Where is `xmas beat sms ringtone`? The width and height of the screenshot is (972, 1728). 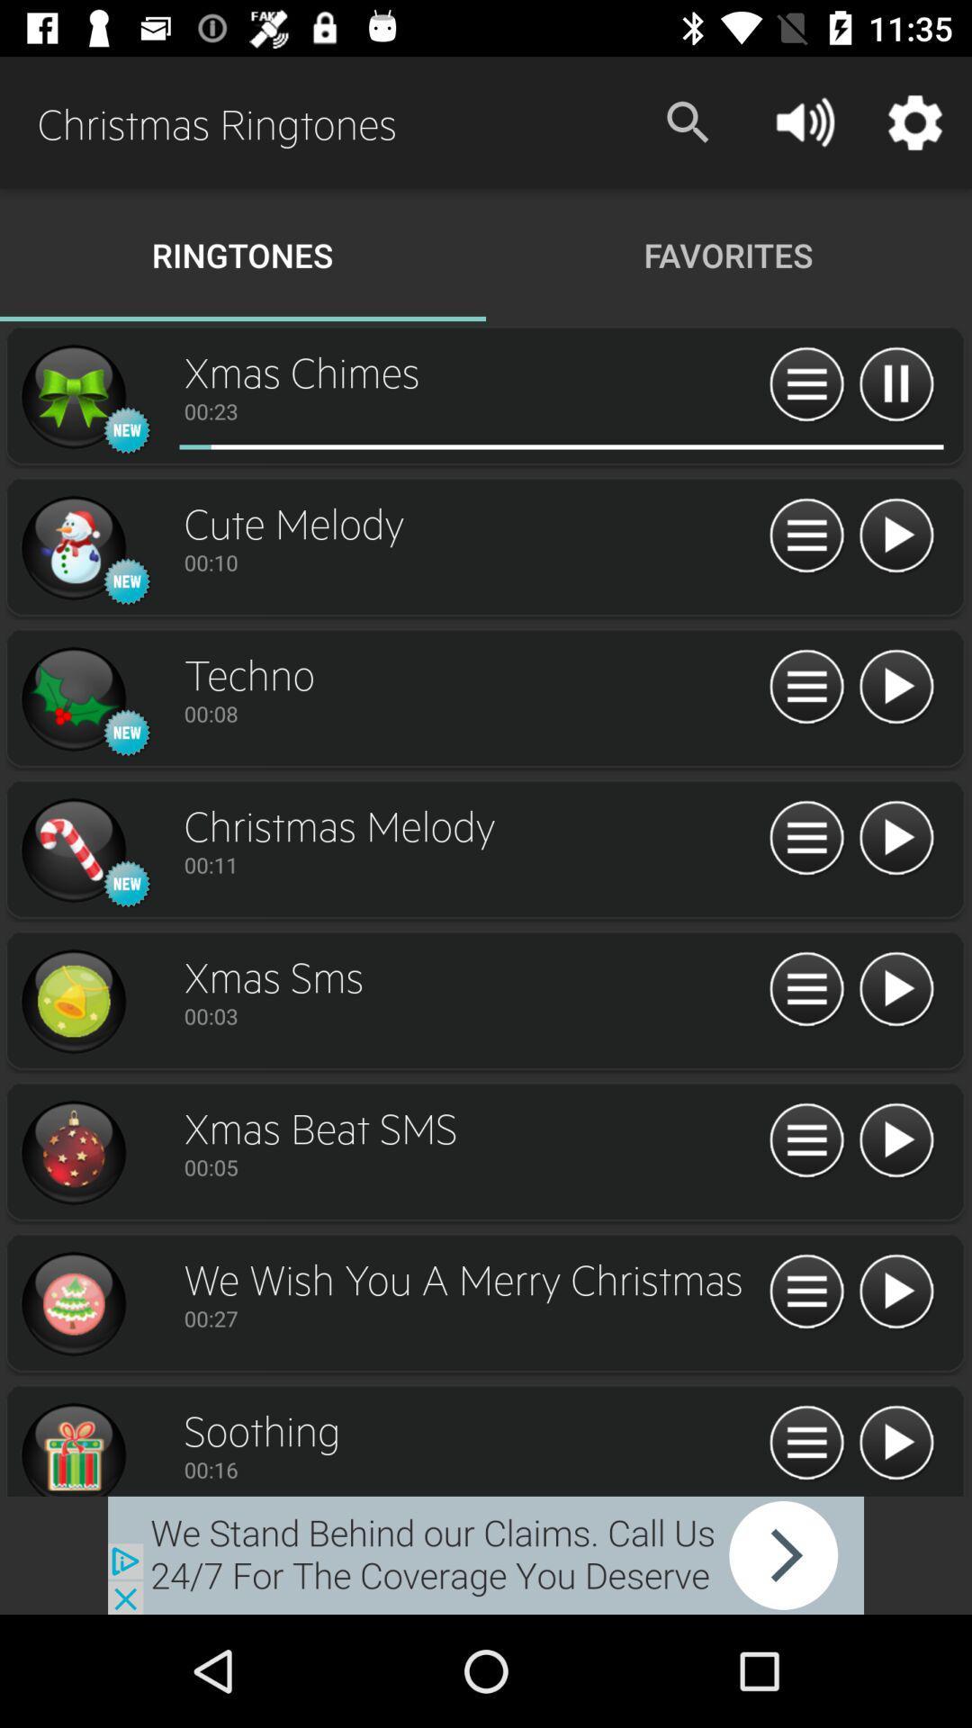 xmas beat sms ringtone is located at coordinates (895, 1140).